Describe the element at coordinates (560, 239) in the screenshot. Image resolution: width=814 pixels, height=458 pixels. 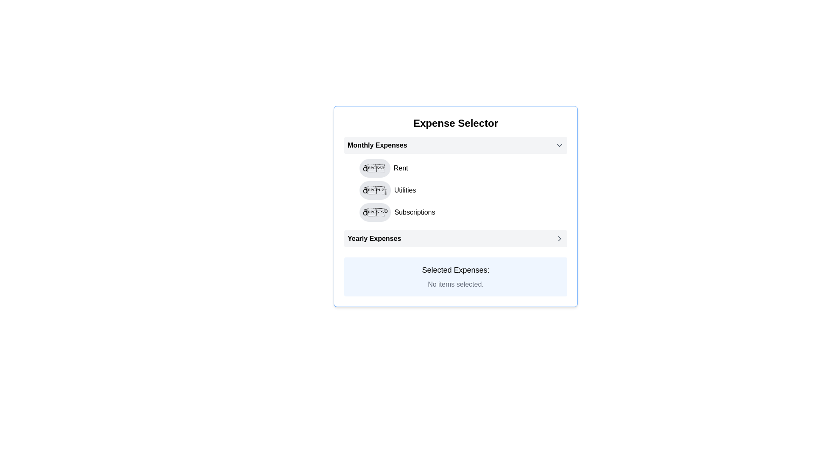
I see `the Right-facing Chevron Icon located at the right end of the 'Yearly Expenses' row in the Expense Selector interface` at that location.